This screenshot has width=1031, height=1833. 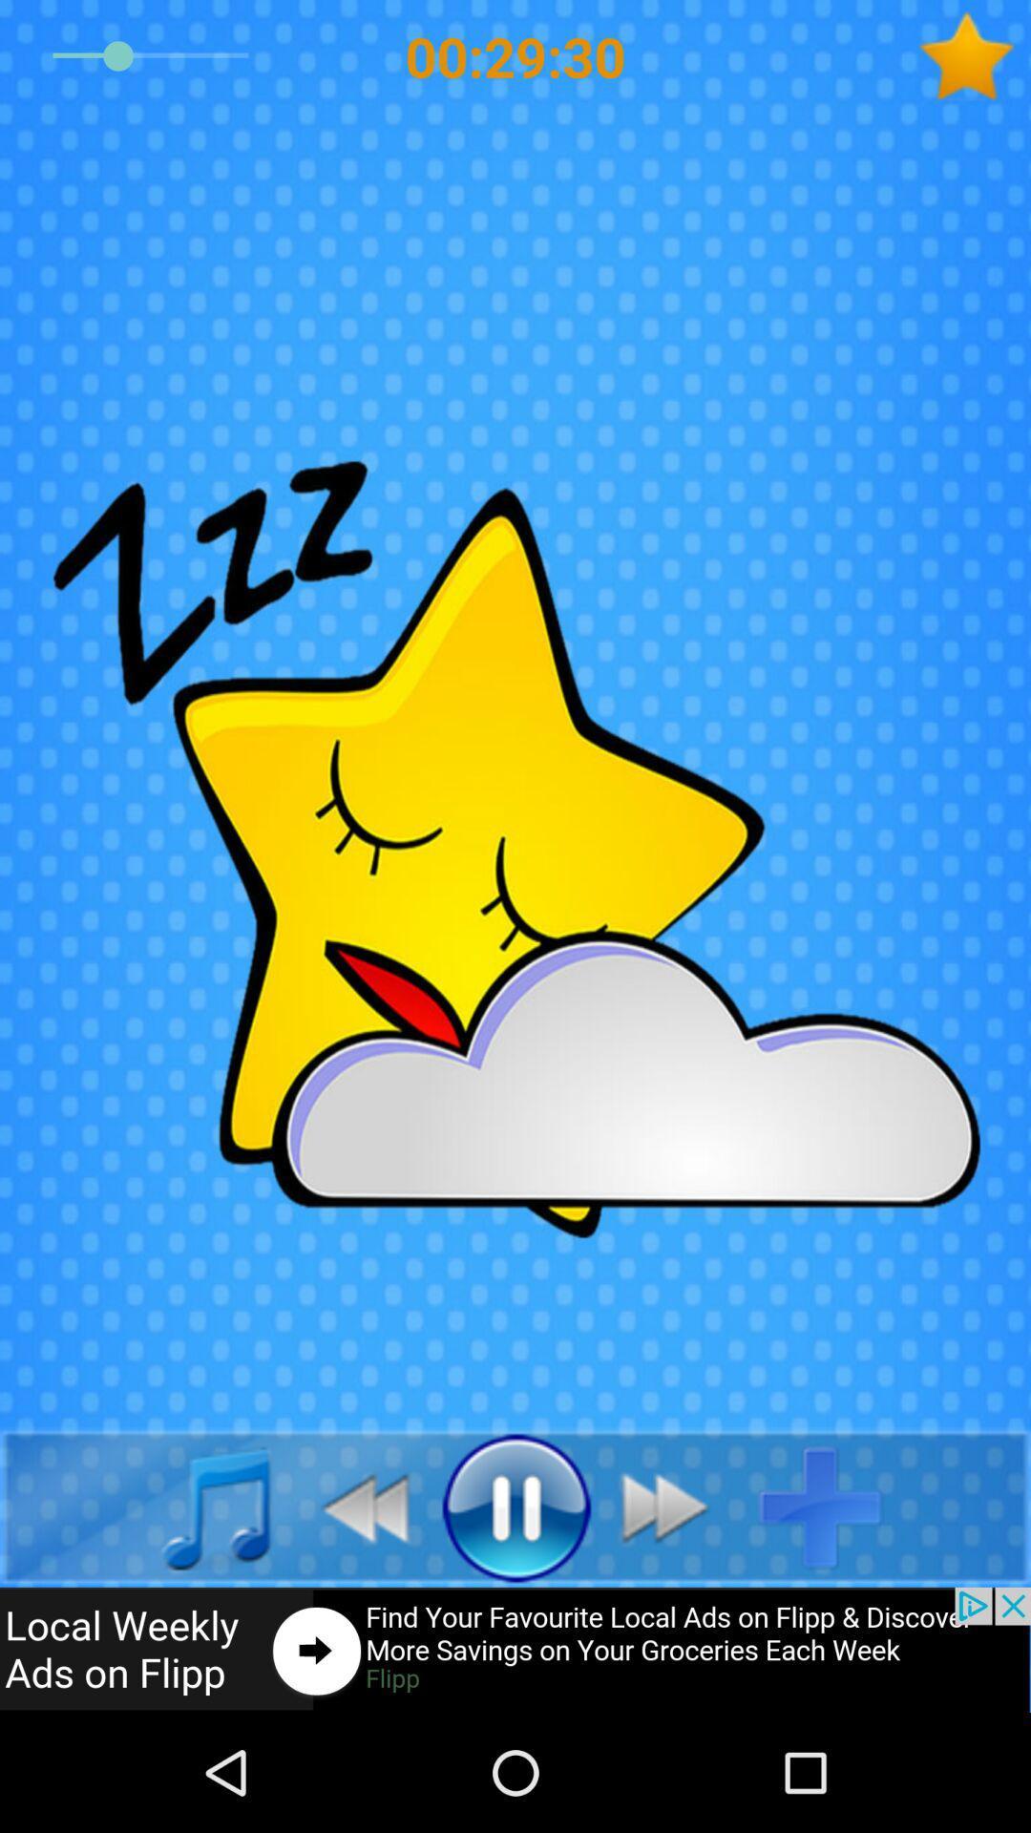 I want to click on the star icon, so click(x=974, y=56).